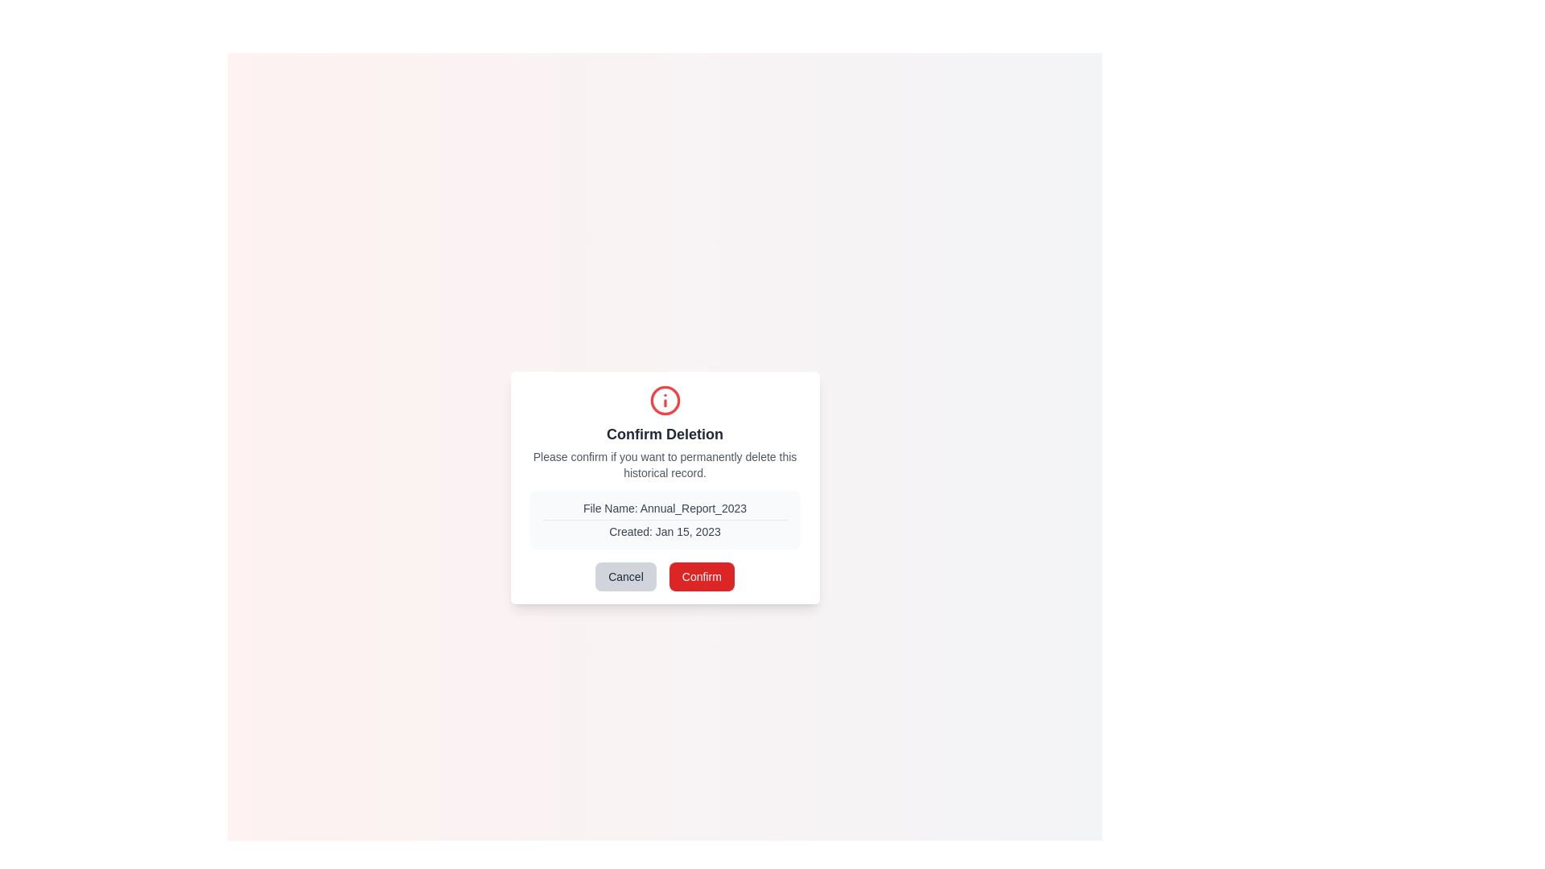  Describe the element at coordinates (702, 575) in the screenshot. I see `the confirm button for deletion located towards the bottom-center of the dialog box to initiate the deletion process` at that location.